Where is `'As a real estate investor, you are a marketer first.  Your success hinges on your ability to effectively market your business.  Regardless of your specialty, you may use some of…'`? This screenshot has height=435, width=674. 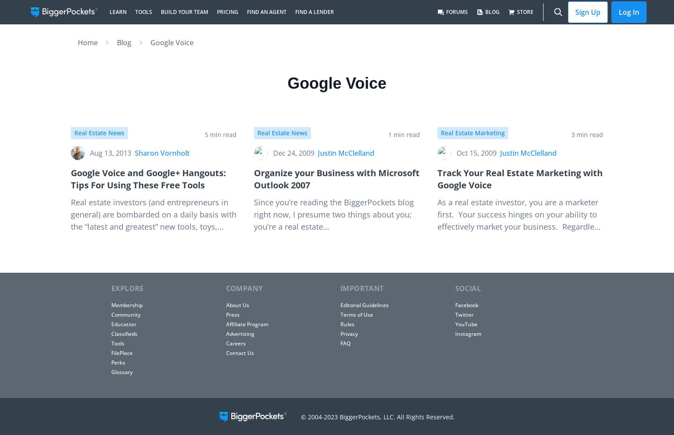 'As a real estate investor, you are a marketer first.  Your success hinges on your ability to effectively market your business.  Regardless of your specialty, you may use some of…' is located at coordinates (519, 221).